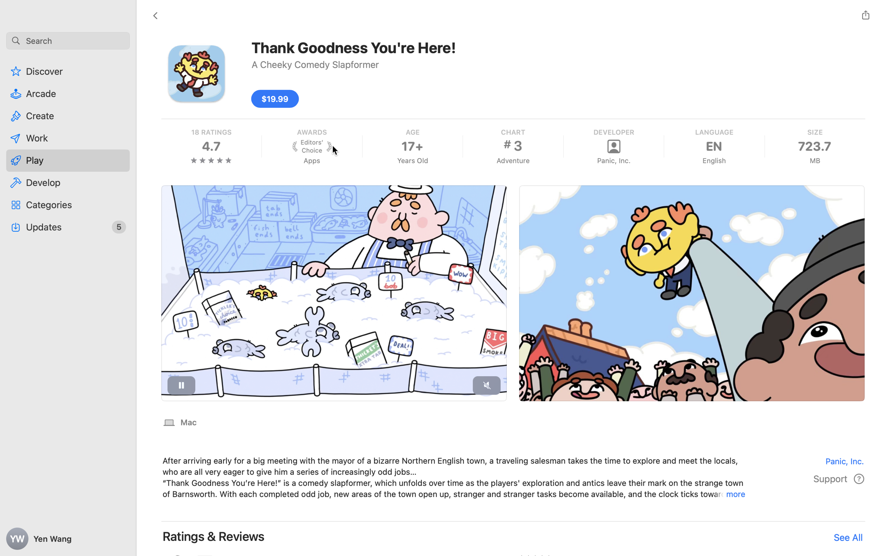  Describe the element at coordinates (211, 132) in the screenshot. I see `'18 RATINGS'` at that location.